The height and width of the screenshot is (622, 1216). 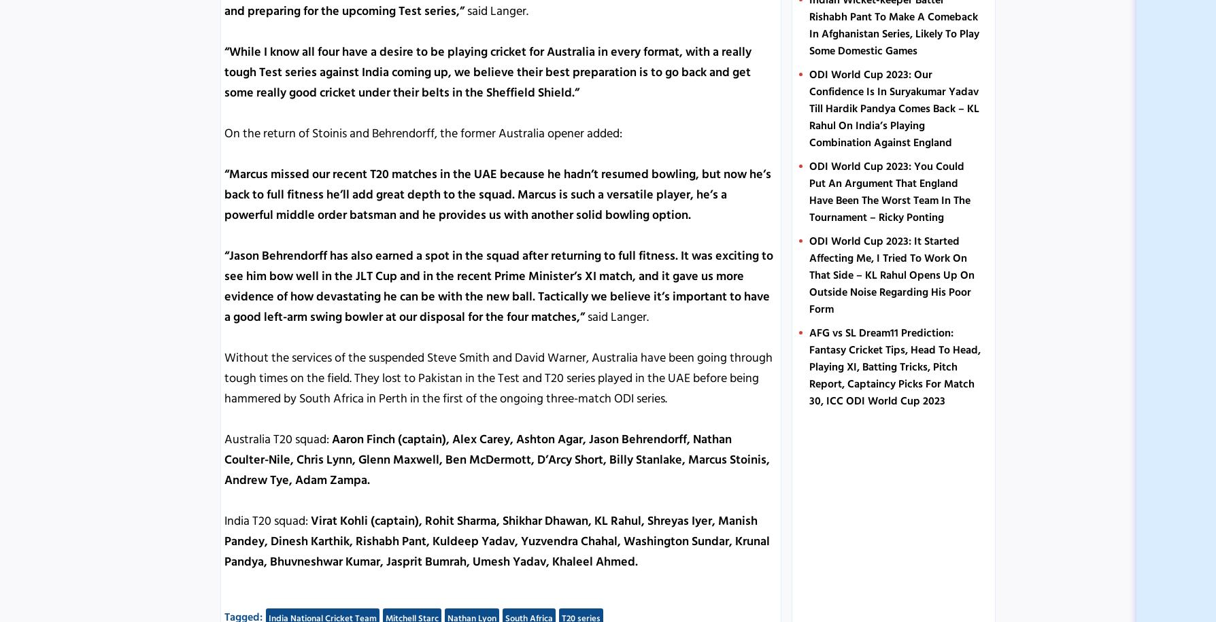 What do you see at coordinates (894, 366) in the screenshot?
I see `'AFG vs SL Dream11 Prediction: Fantasy Cricket Tips, Head To Head, Playing XI, Batting Tricks, Pitch Report, Captaincy Picks For Match 30, ICC ODI World Cup 2023'` at bounding box center [894, 366].